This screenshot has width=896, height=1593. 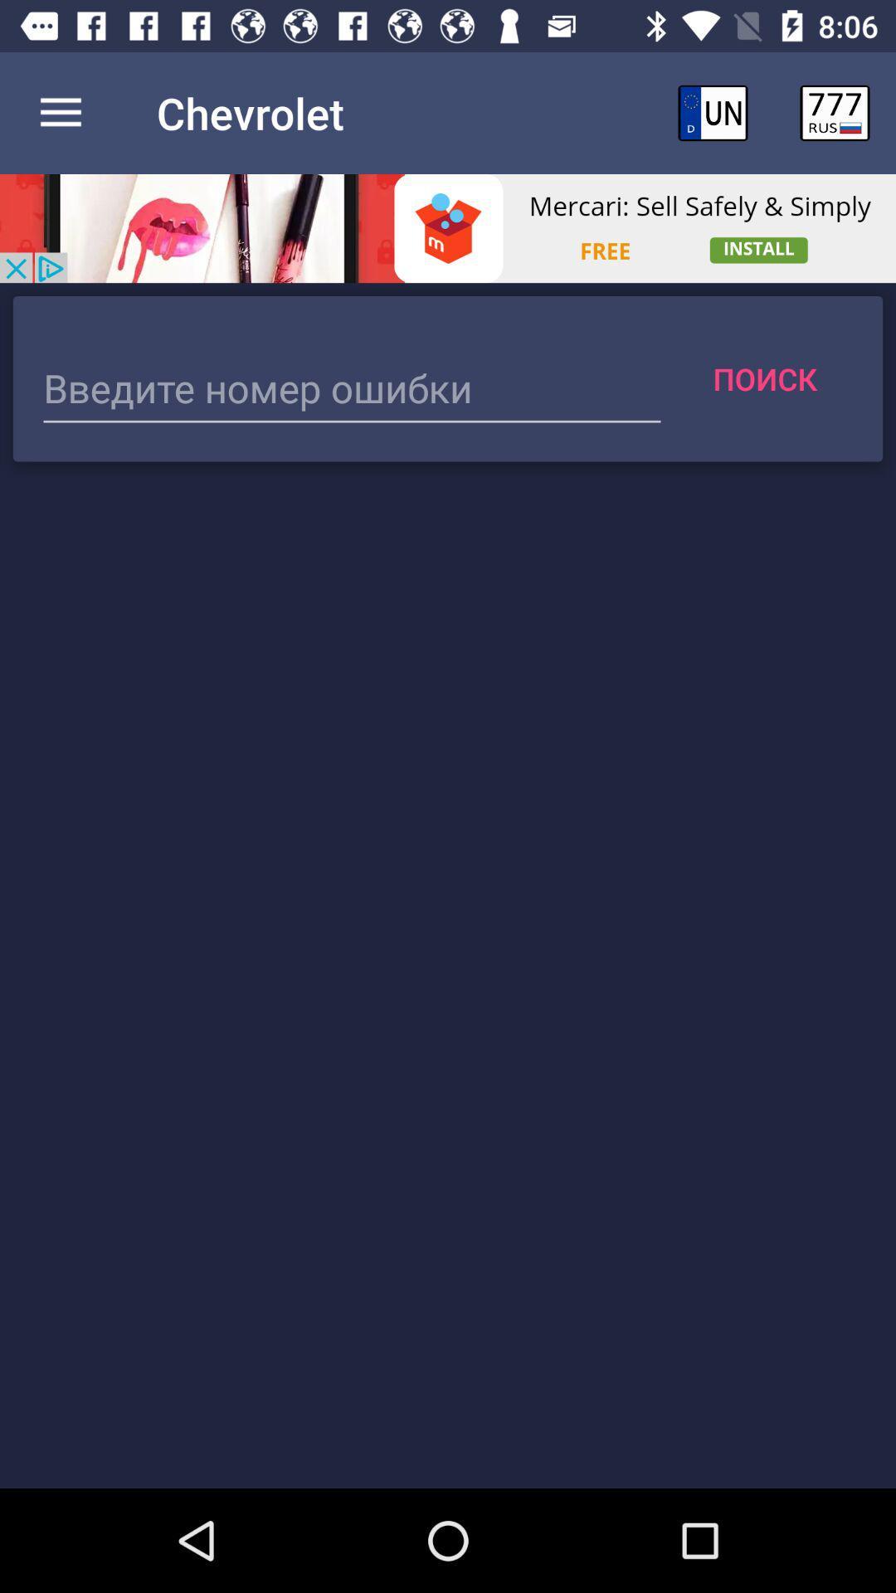 What do you see at coordinates (448, 227) in the screenshot?
I see `advertisement` at bounding box center [448, 227].